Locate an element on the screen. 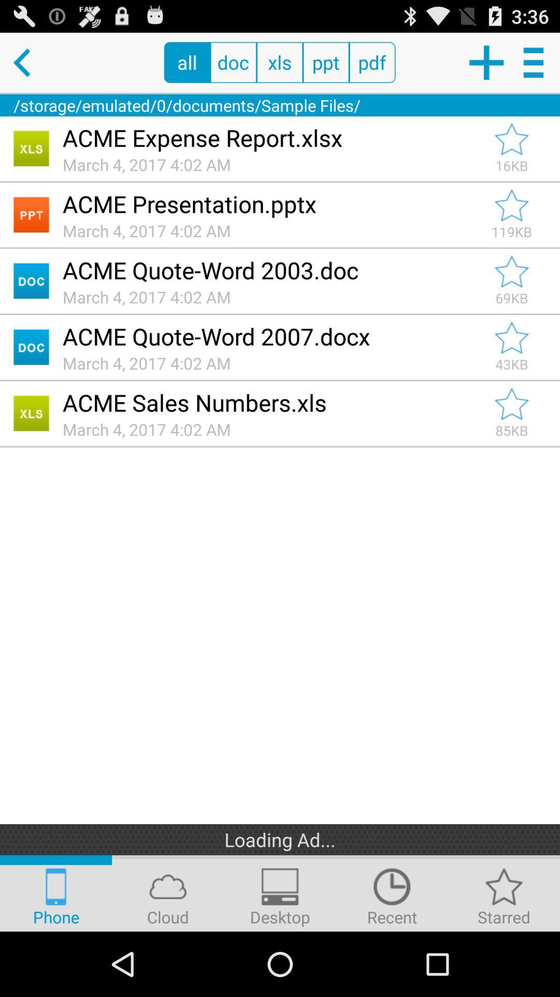 The width and height of the screenshot is (560, 997). star this selection is located at coordinates (511, 338).